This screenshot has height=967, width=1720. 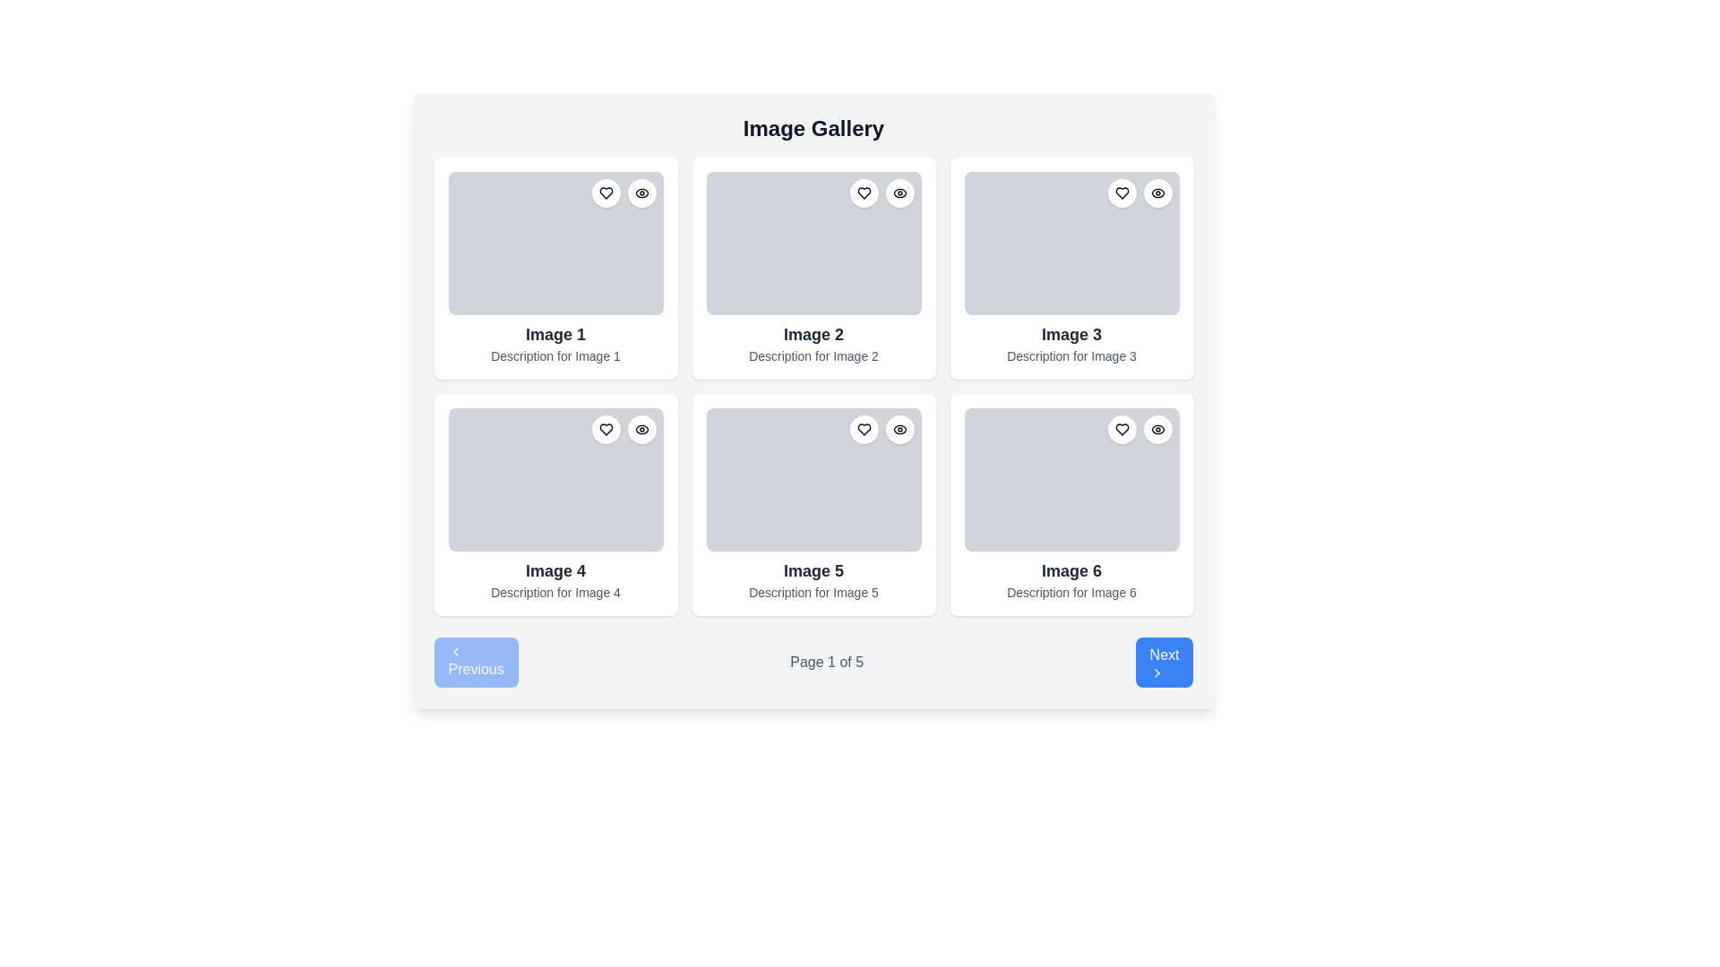 I want to click on the Card element located in the second row and first column of the grid layout to interact with it, so click(x=555, y=504).